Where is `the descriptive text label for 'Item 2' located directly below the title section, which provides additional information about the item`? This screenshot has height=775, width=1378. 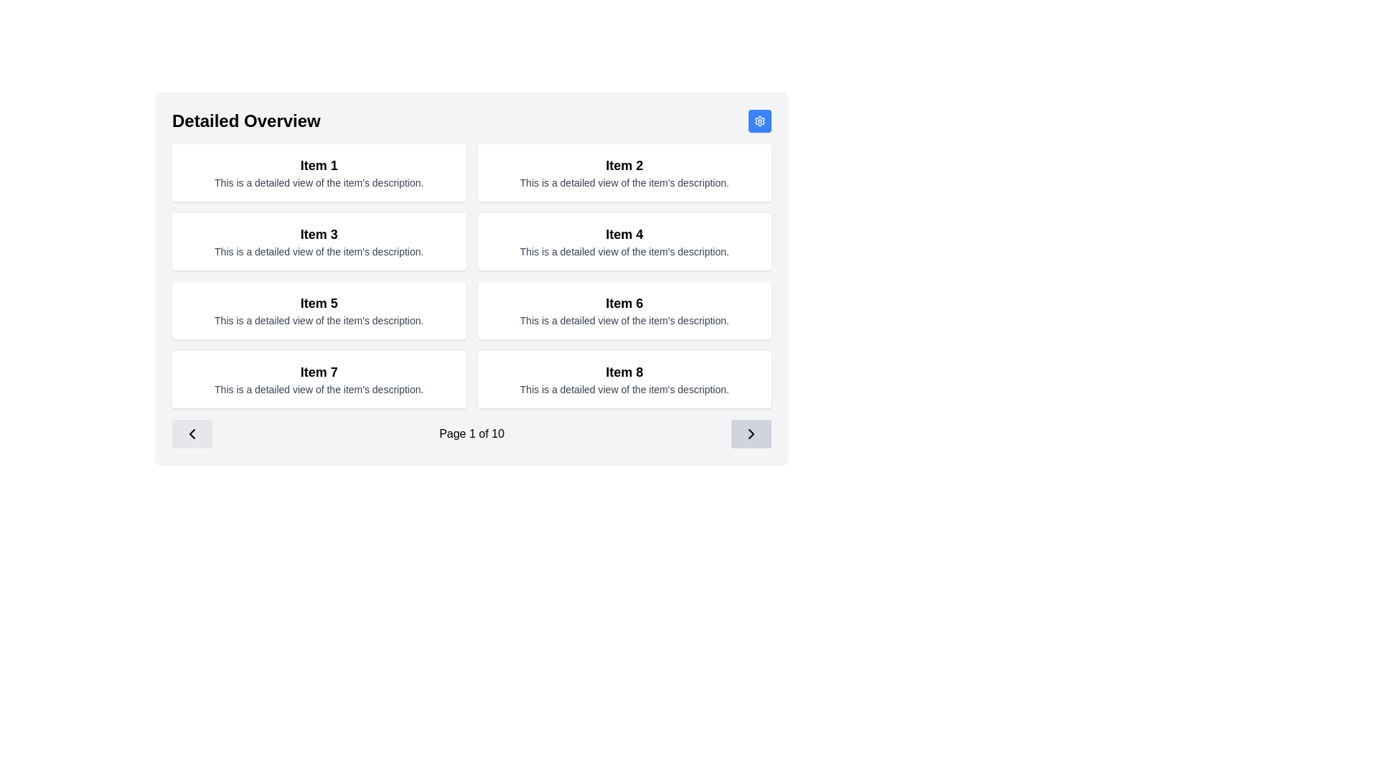 the descriptive text label for 'Item 2' located directly below the title section, which provides additional information about the item is located at coordinates (624, 182).